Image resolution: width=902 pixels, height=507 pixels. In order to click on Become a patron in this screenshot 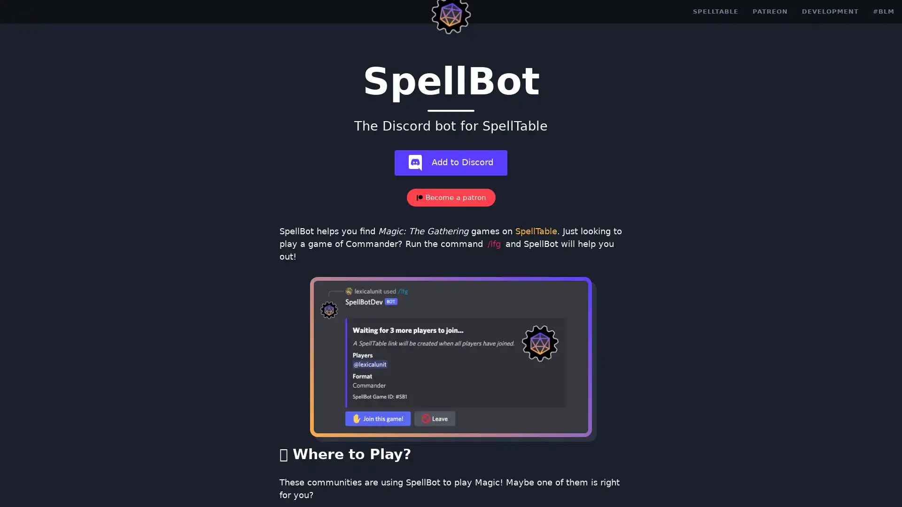, I will do `click(450, 197)`.